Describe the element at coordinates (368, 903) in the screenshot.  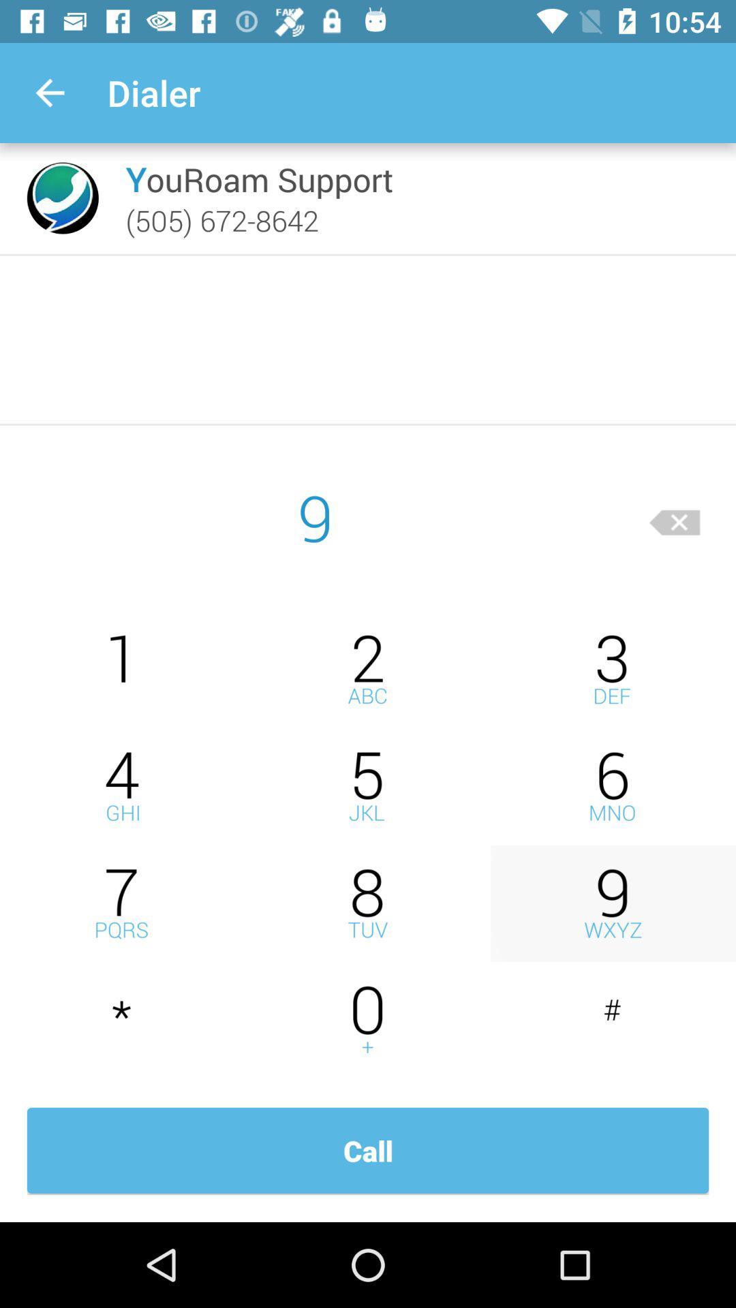
I see `click the number 8` at that location.